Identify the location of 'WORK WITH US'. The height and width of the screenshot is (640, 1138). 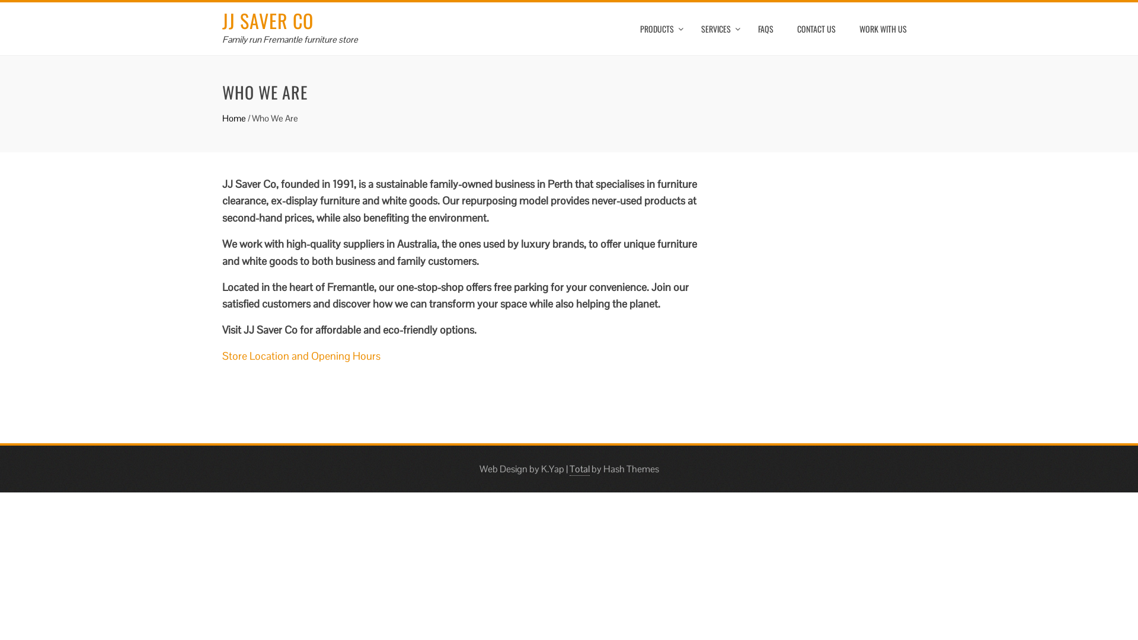
(883, 28).